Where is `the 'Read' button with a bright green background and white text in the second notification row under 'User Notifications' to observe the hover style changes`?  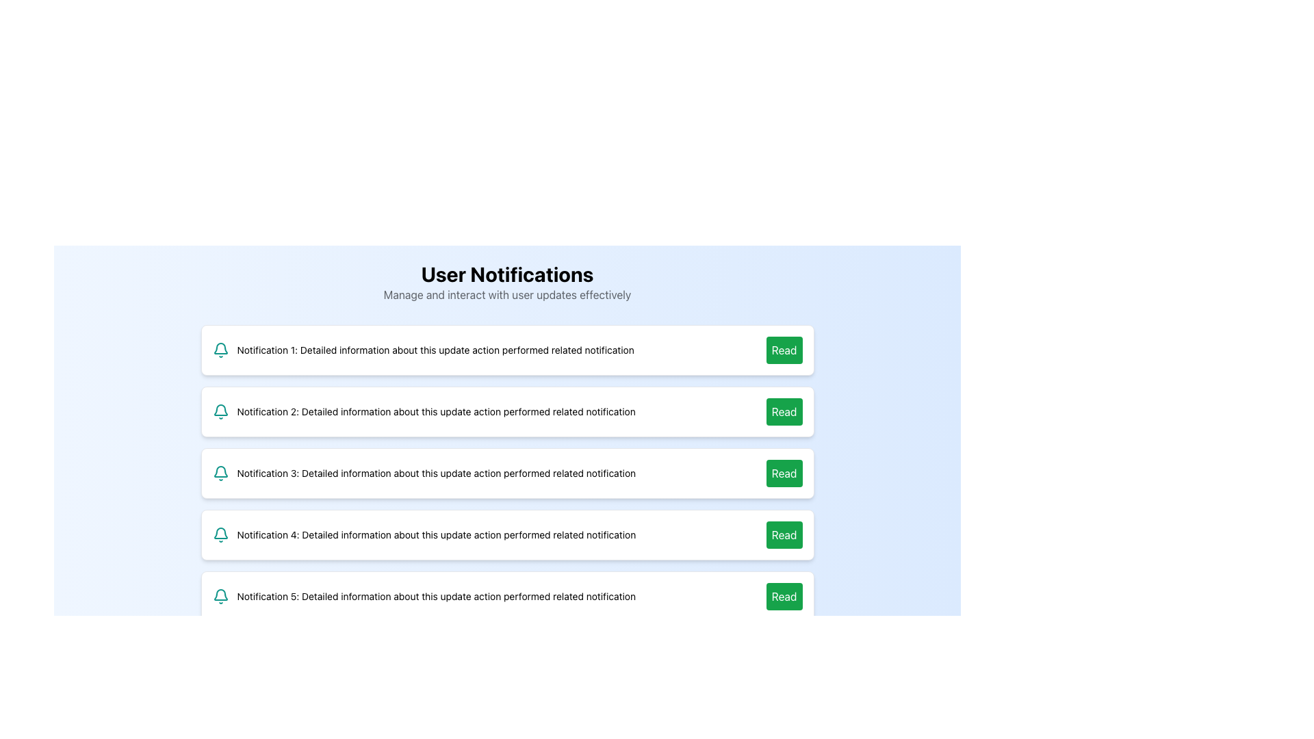 the 'Read' button with a bright green background and white text in the second notification row under 'User Notifications' to observe the hover style changes is located at coordinates (784, 411).